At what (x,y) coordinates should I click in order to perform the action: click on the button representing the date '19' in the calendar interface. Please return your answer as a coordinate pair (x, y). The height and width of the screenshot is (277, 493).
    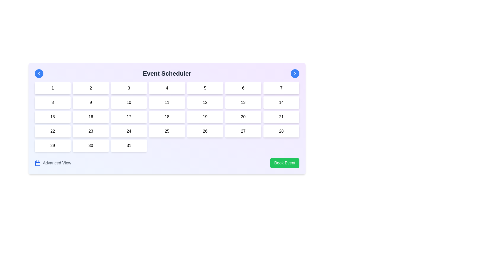
    Looking at the image, I should click on (205, 117).